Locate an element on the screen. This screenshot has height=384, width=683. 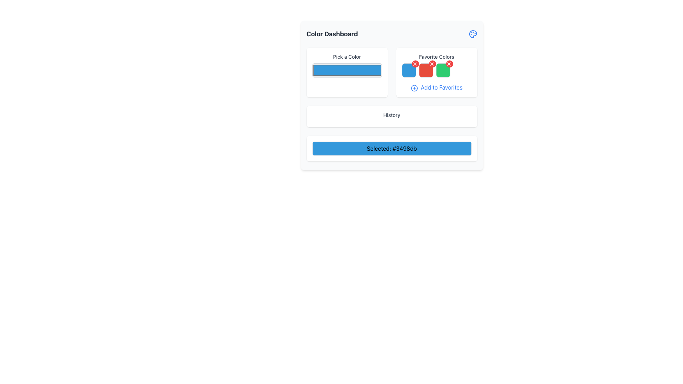
the color palette icon located in the top-right corner of the 'Color Dashboard' interface, next to the 'Color Dashboard' title text is located at coordinates (473, 34).